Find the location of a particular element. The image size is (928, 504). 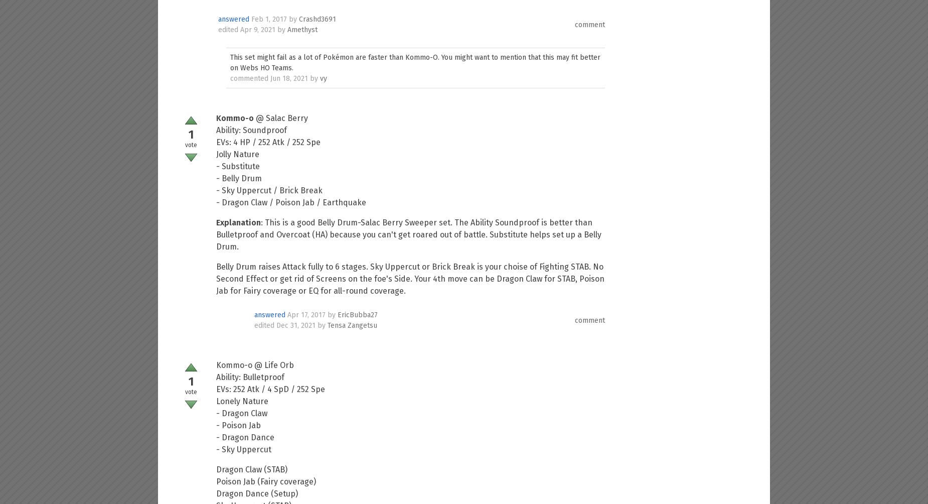

'Apr 9, 2021' is located at coordinates (257, 30).